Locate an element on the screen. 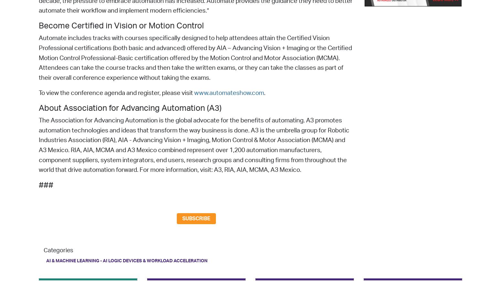 The height and width of the screenshot is (281, 501). 'Subscribe' is located at coordinates (196, 219).